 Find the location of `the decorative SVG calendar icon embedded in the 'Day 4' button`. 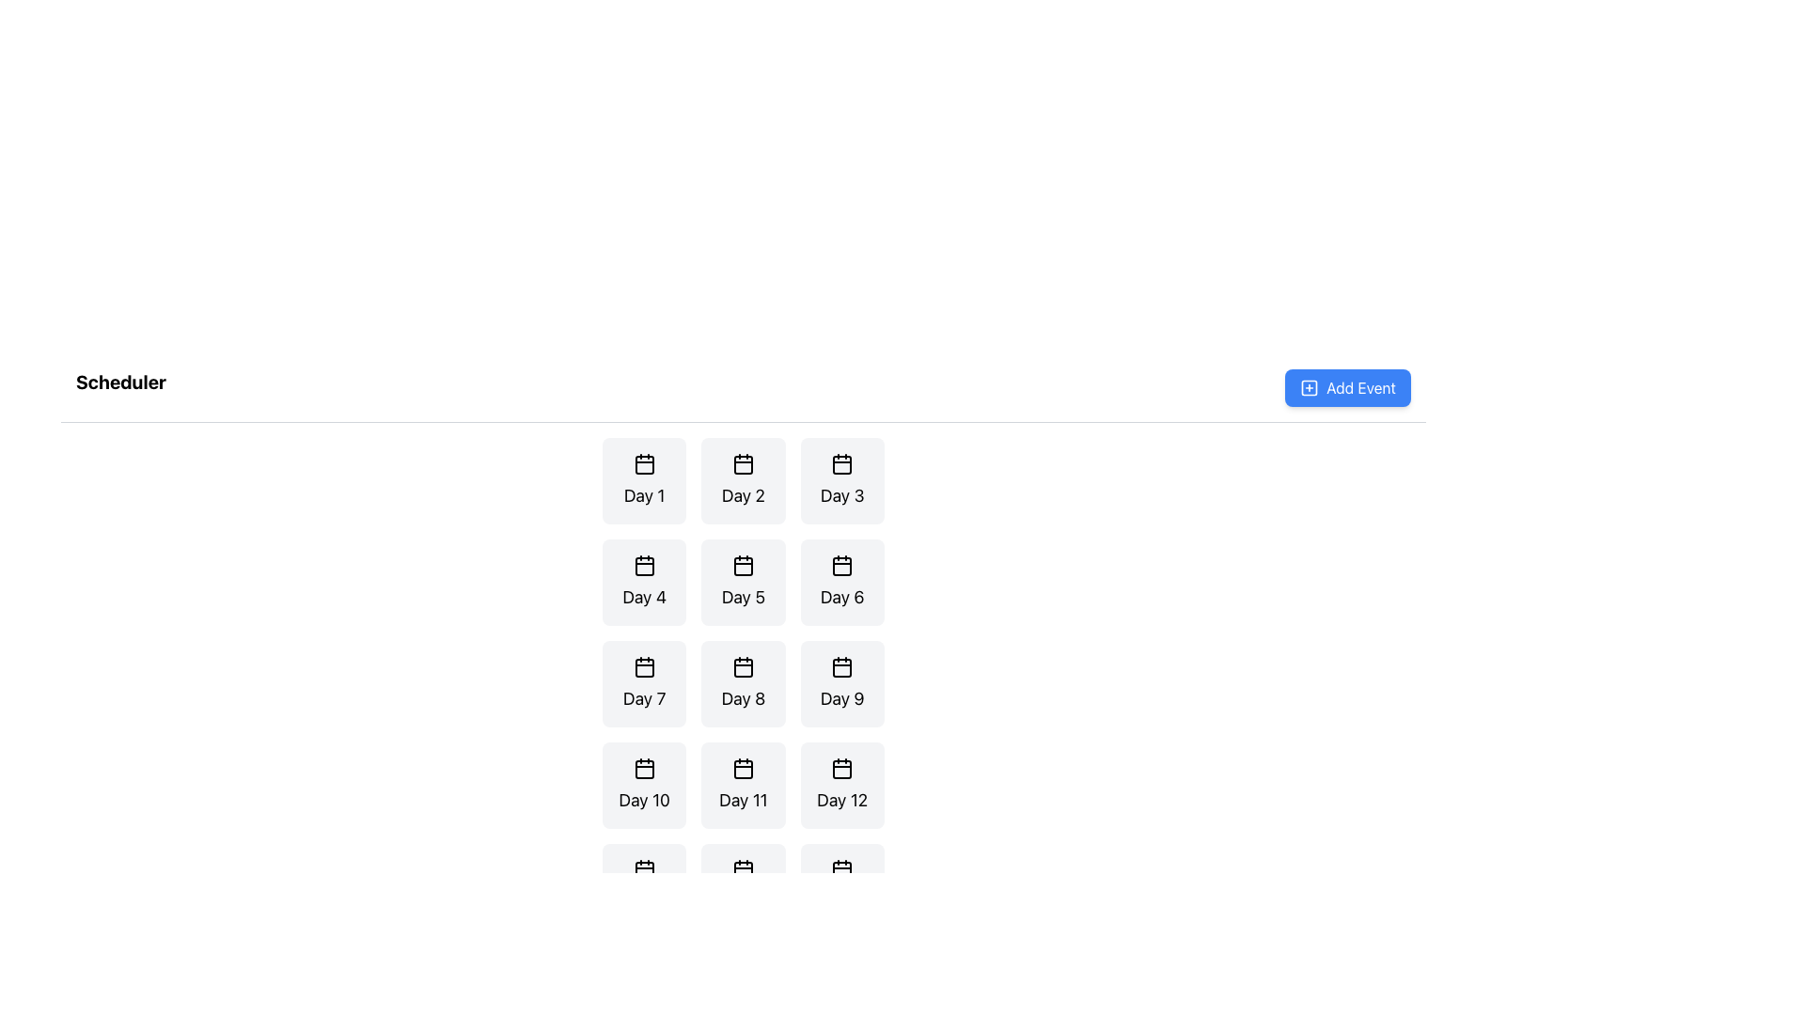

the decorative SVG calendar icon embedded in the 'Day 4' button is located at coordinates (644, 564).